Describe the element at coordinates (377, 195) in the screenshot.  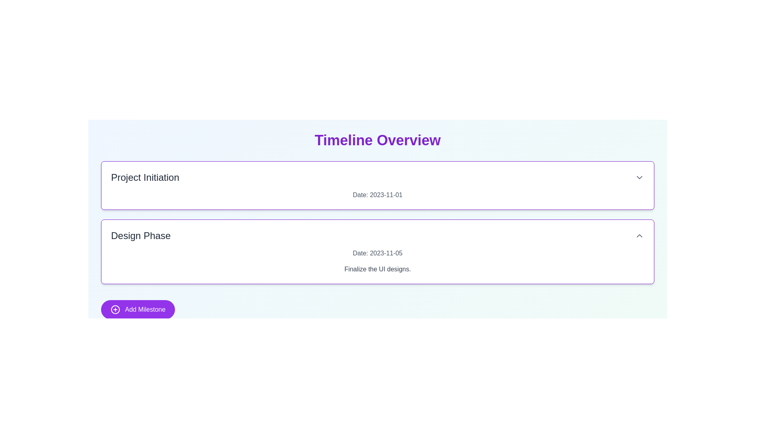
I see `the Label displaying a date value located at the bottom-right of the 'Project Initiation' box, which provides users with a specific date` at that location.